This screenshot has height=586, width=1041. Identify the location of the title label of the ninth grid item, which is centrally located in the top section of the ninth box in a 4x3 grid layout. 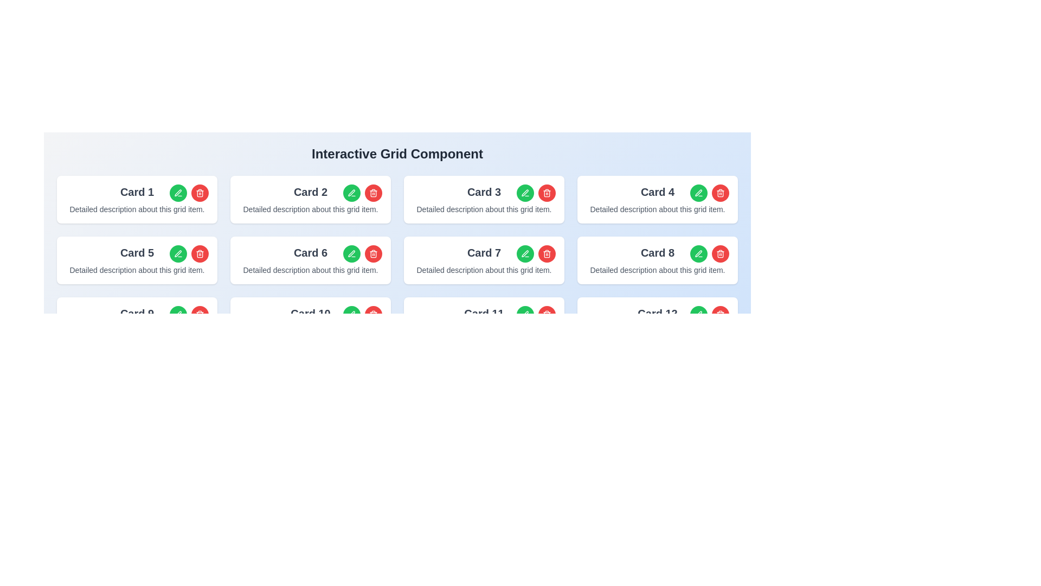
(137, 314).